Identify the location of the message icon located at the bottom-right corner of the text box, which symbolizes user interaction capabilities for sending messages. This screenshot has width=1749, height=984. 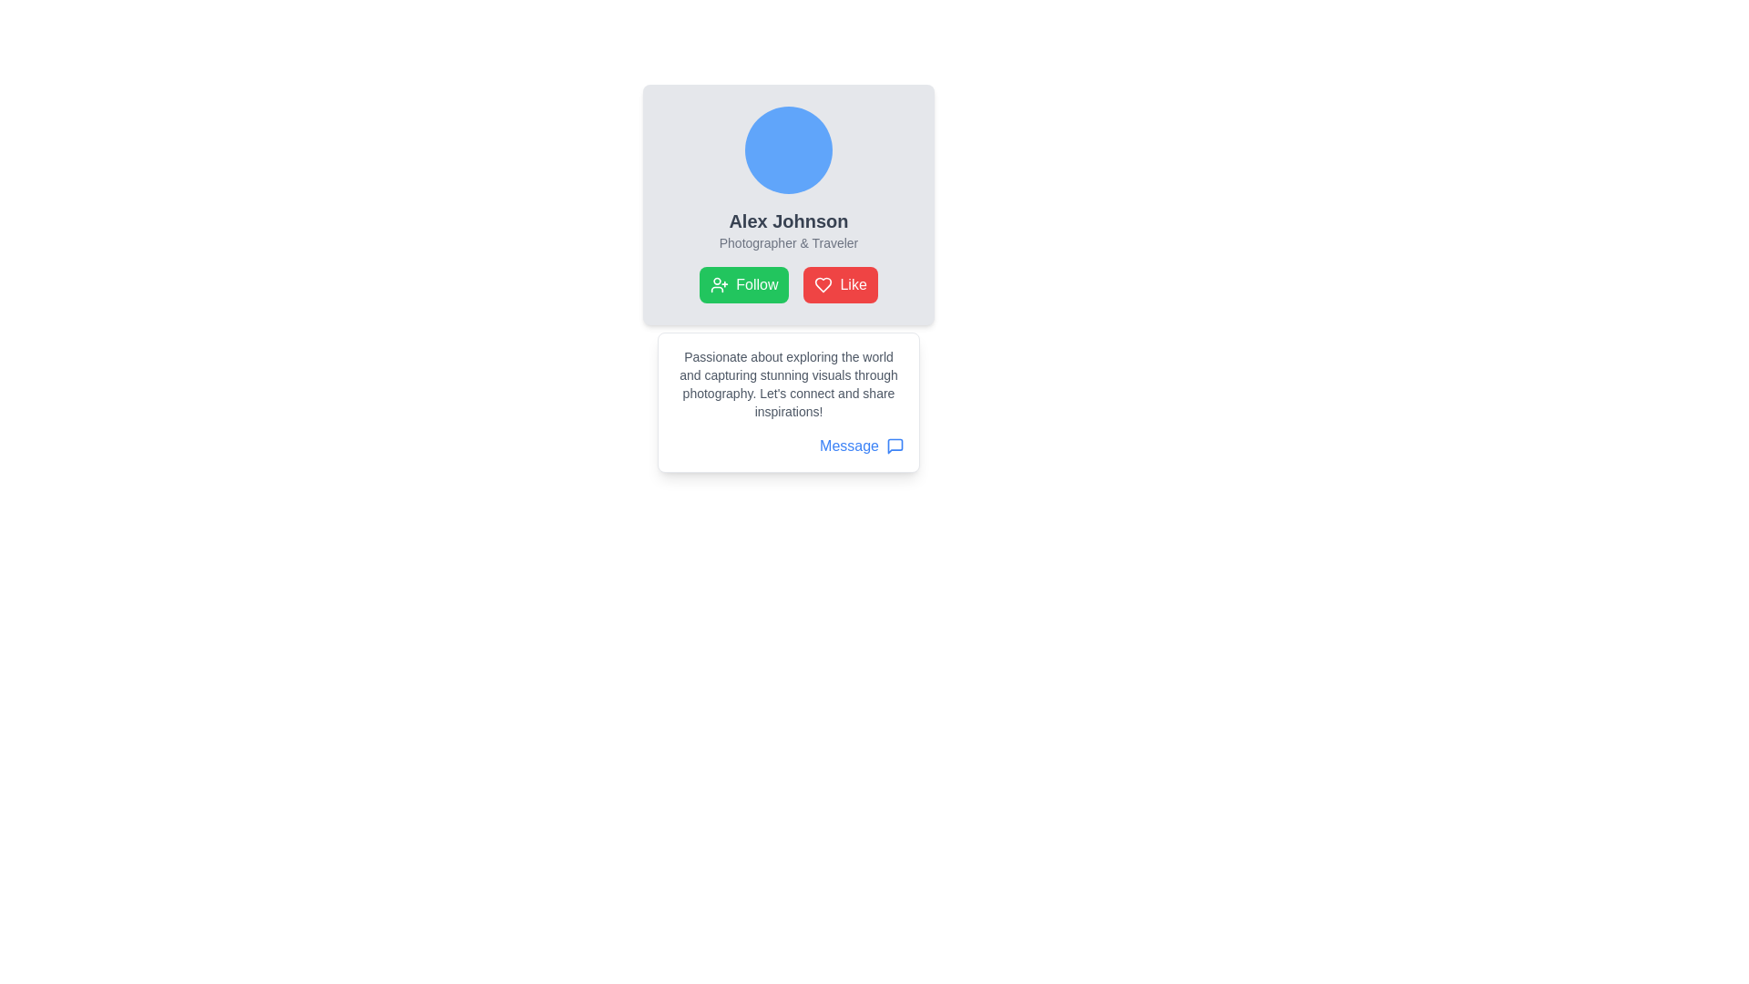
(895, 446).